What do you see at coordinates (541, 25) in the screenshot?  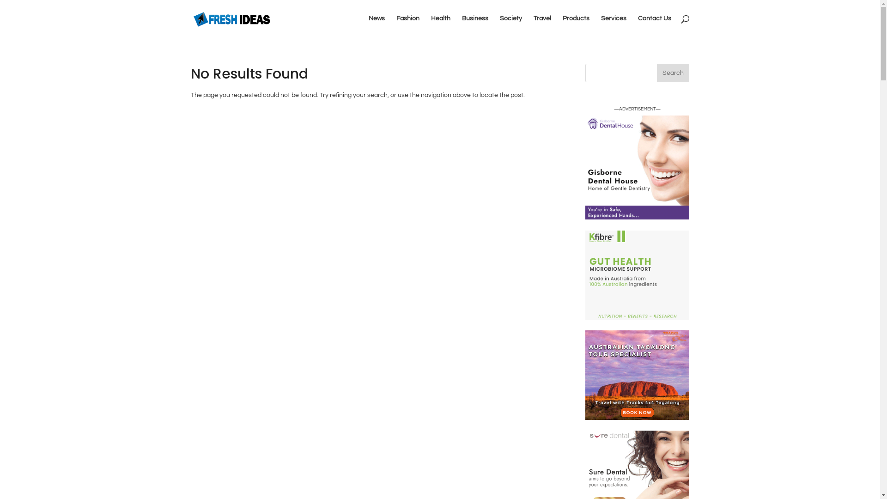 I see `'Travel'` at bounding box center [541, 25].